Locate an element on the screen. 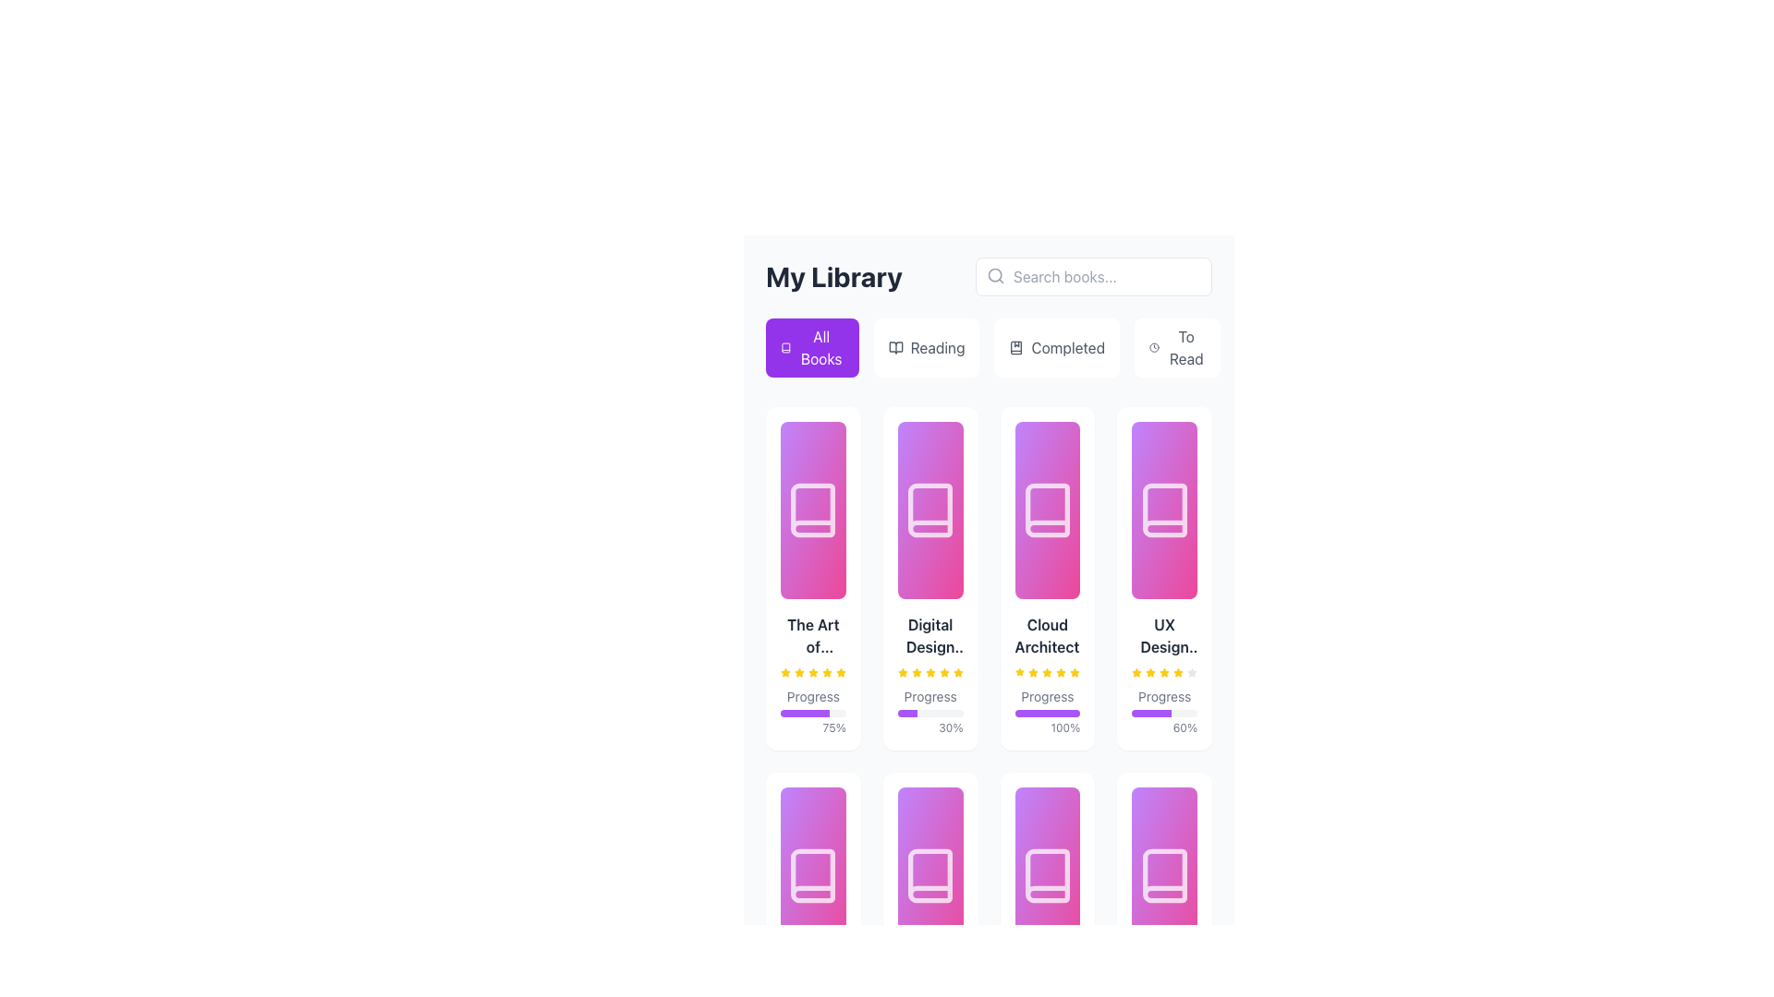 The width and height of the screenshot is (1774, 997). details of the first star icon in the five-star rating system for the book titled 'The Art of...' is located at coordinates (785, 673).